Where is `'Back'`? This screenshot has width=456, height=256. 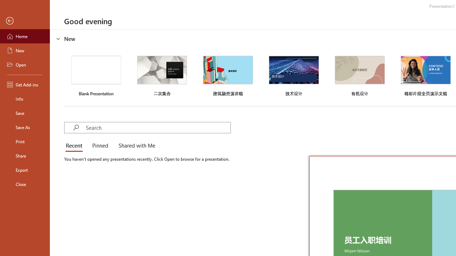 'Back' is located at coordinates (25, 21).